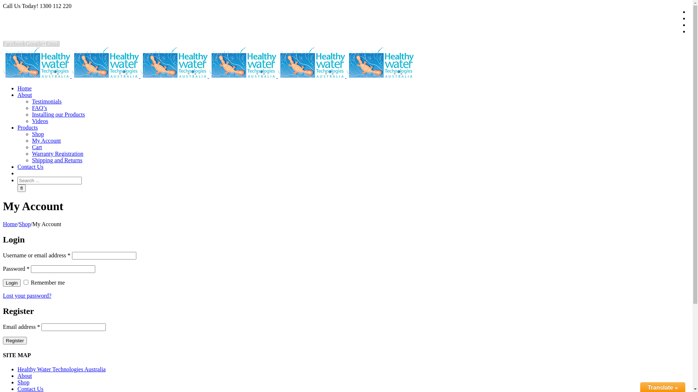  What do you see at coordinates (61, 369) in the screenshot?
I see `'Healthy Water Technologies Australia'` at bounding box center [61, 369].